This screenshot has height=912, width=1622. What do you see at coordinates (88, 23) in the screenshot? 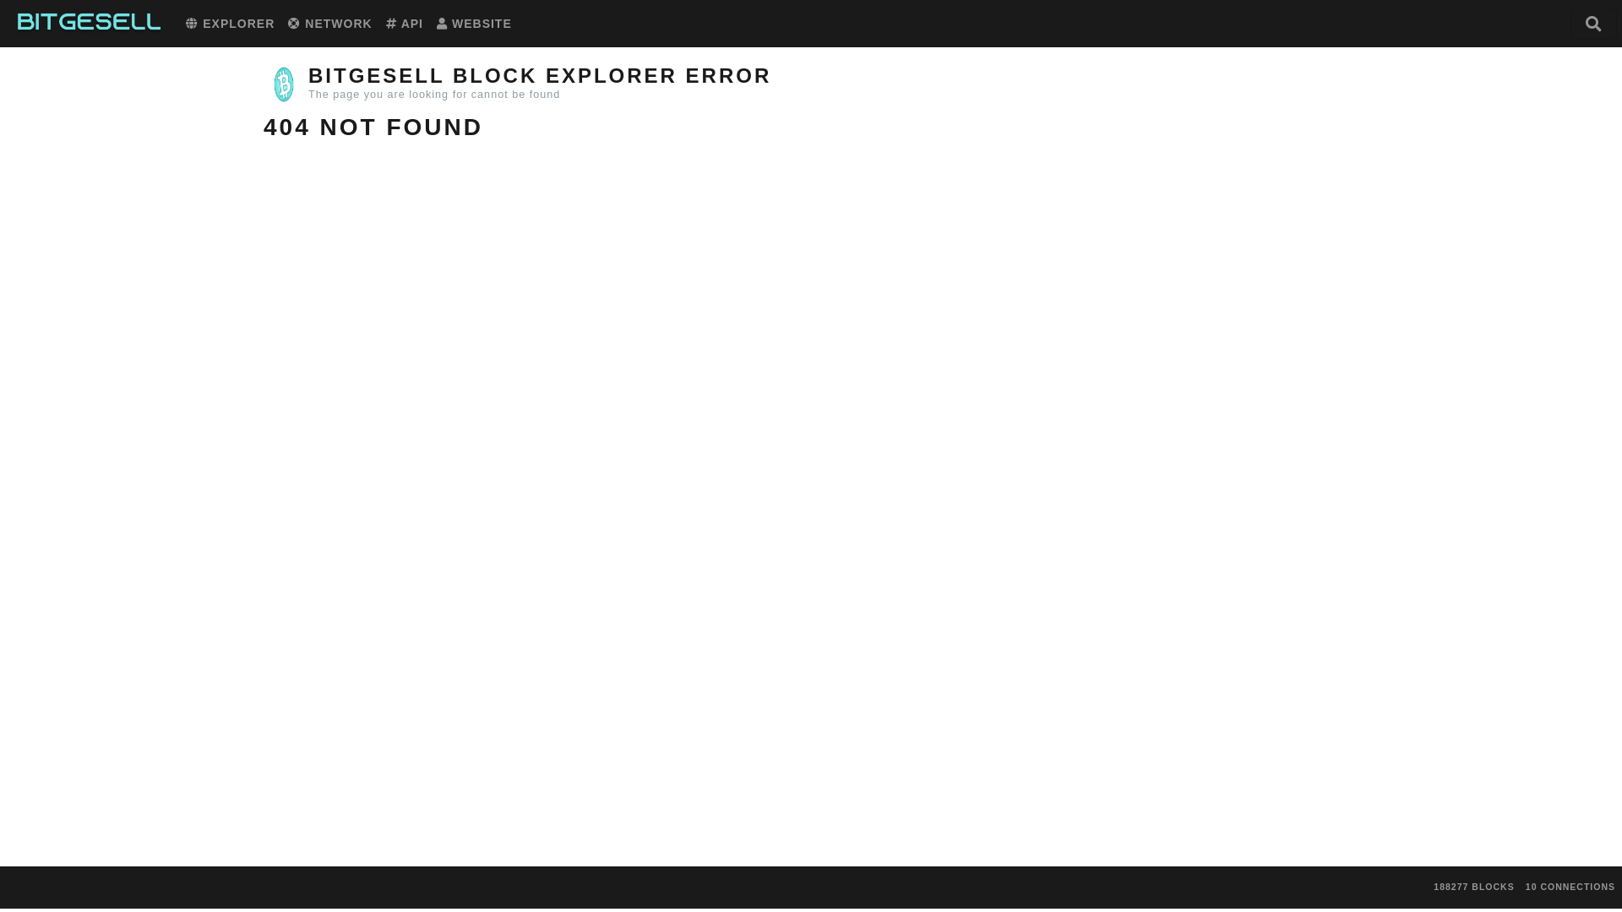
I see `'Bitgesell Home'` at bounding box center [88, 23].